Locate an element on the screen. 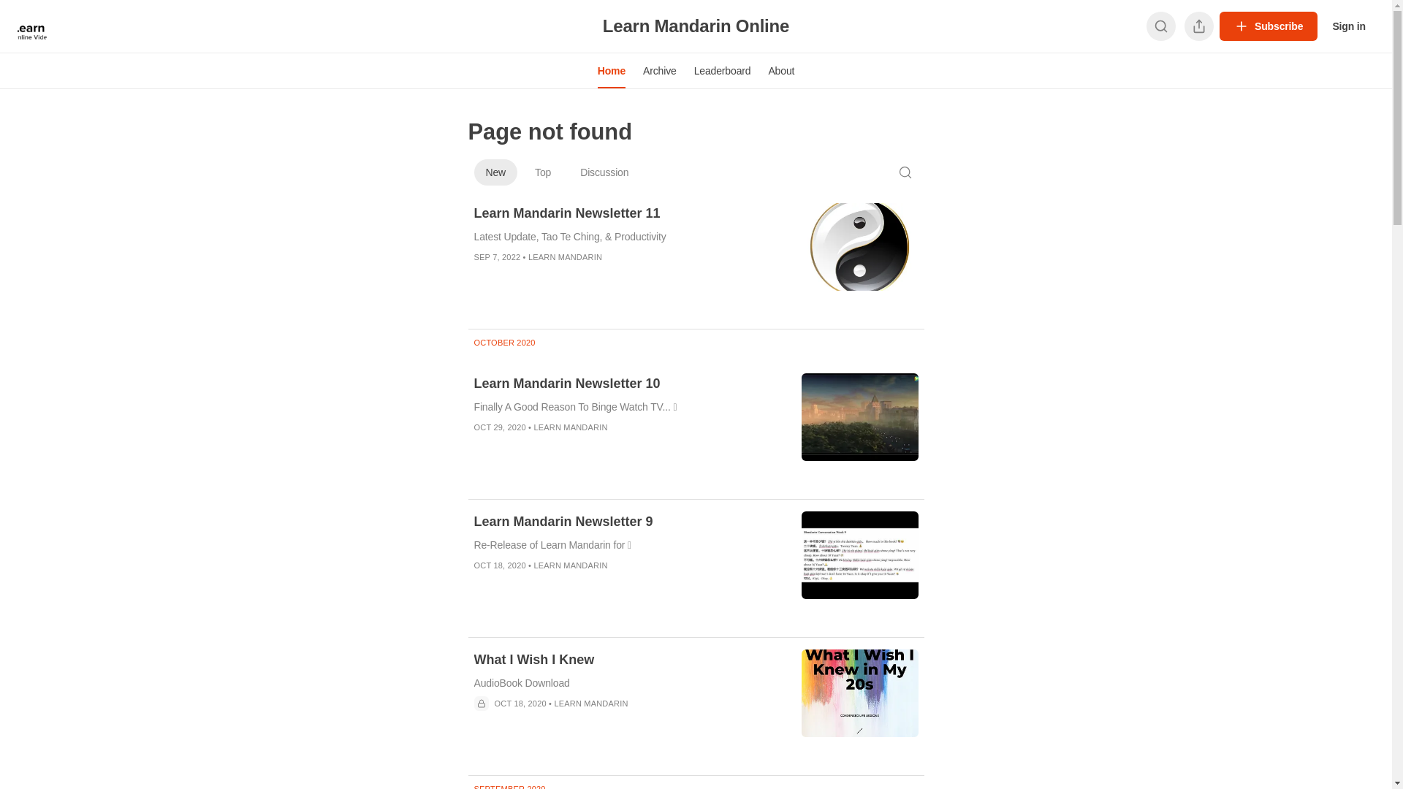 The width and height of the screenshot is (1403, 789). 'LEARN MANDARIN' is located at coordinates (569, 427).